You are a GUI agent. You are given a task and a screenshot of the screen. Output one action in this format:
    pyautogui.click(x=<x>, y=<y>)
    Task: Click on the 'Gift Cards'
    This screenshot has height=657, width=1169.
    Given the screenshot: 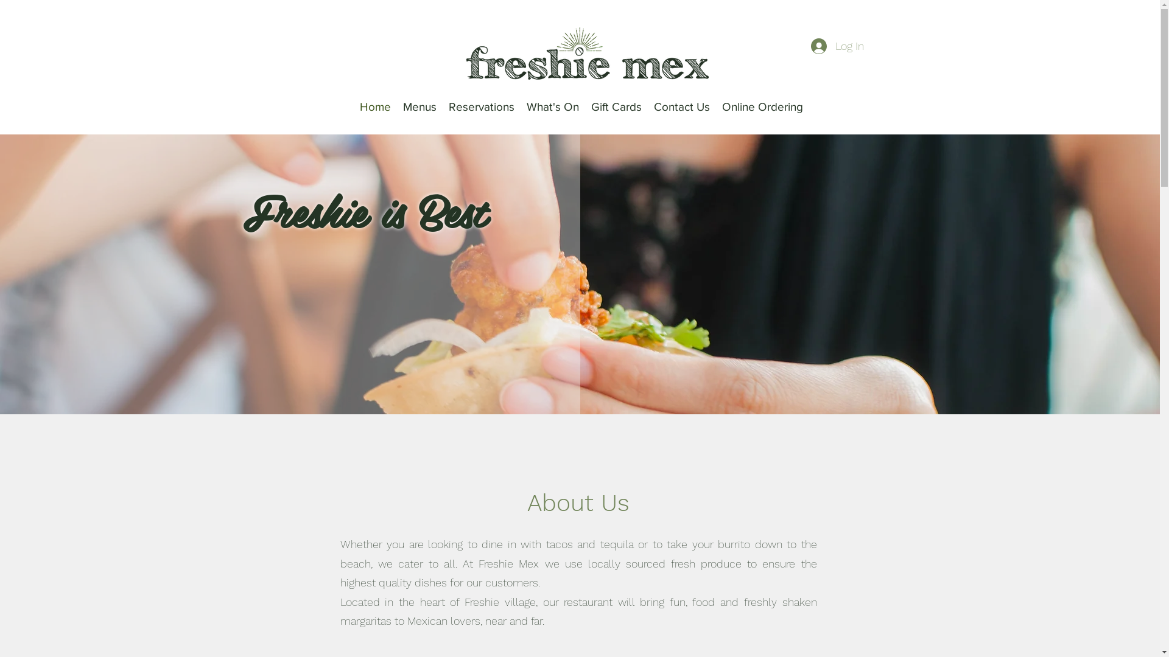 What is the action you would take?
    pyautogui.click(x=616, y=106)
    